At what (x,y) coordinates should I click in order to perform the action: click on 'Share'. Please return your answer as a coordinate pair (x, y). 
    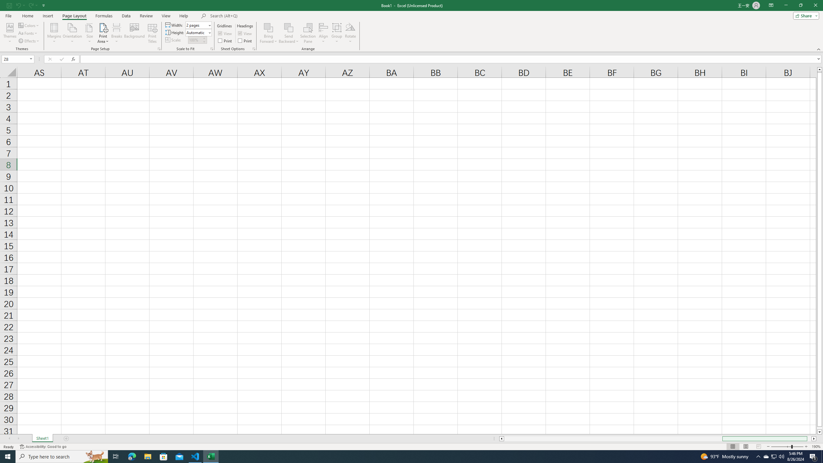
    Looking at the image, I should click on (804, 15).